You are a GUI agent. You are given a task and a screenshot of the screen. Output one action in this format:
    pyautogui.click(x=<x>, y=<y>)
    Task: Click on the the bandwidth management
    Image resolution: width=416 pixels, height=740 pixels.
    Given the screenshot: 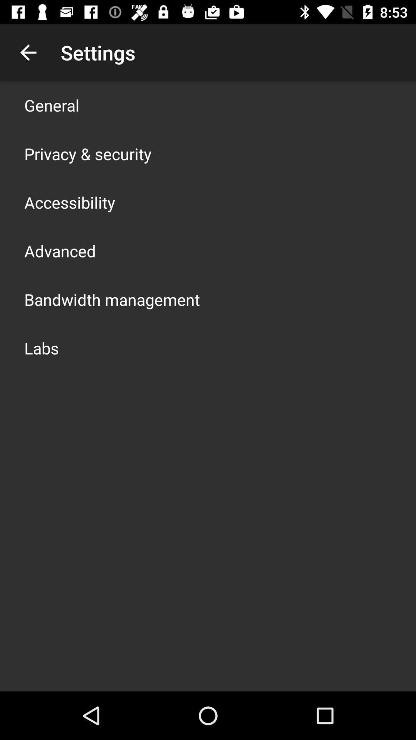 What is the action you would take?
    pyautogui.click(x=112, y=299)
    